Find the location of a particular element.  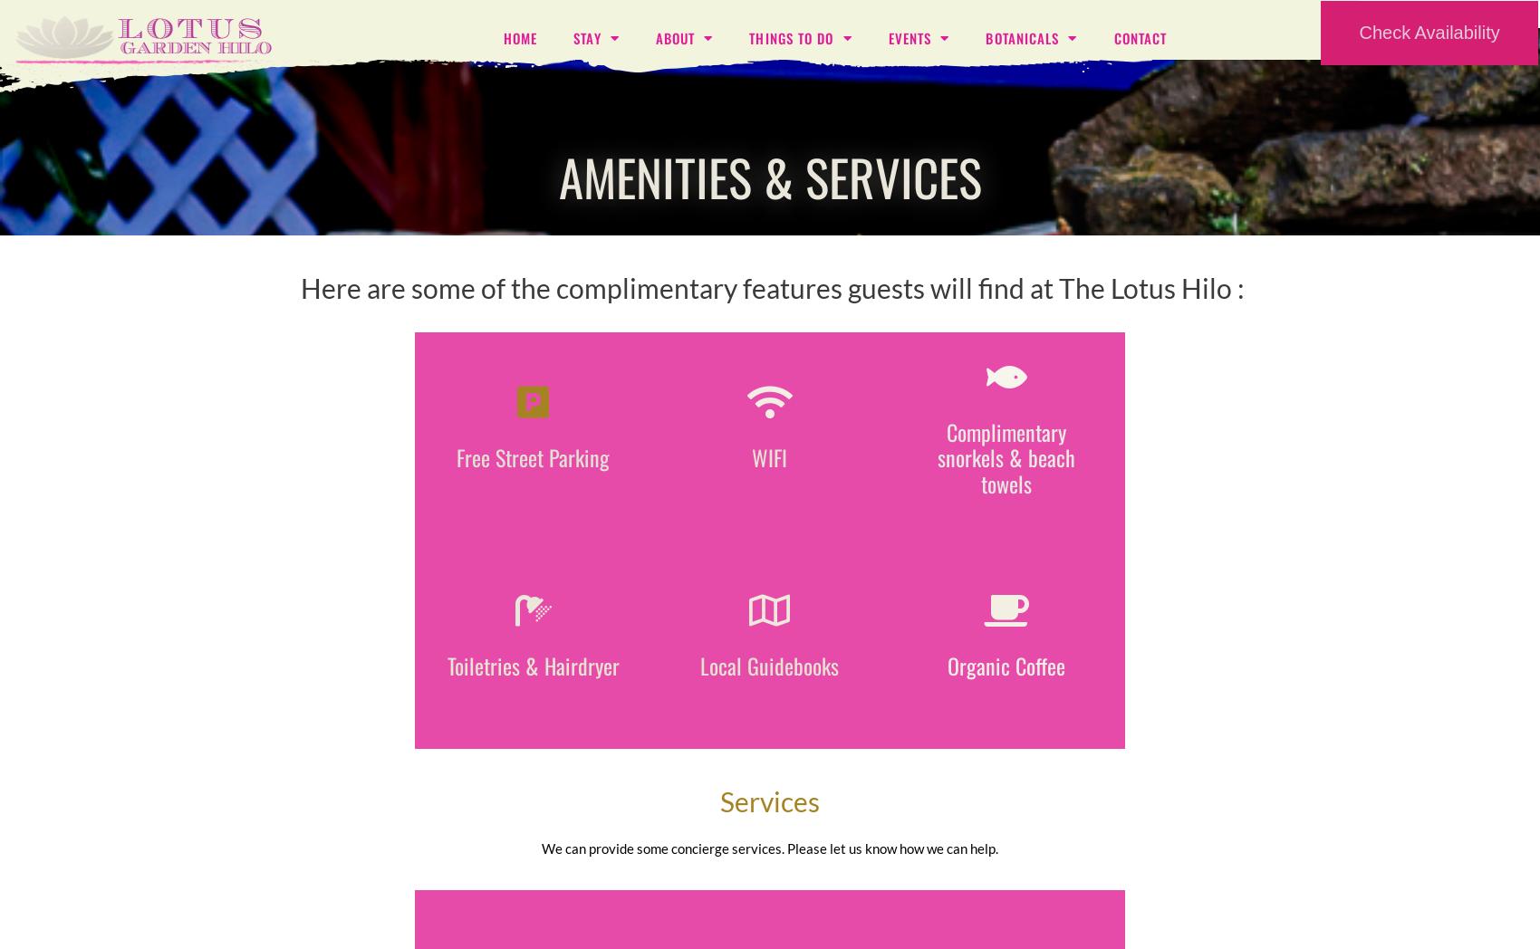

'Check Availability' is located at coordinates (1429, 32).